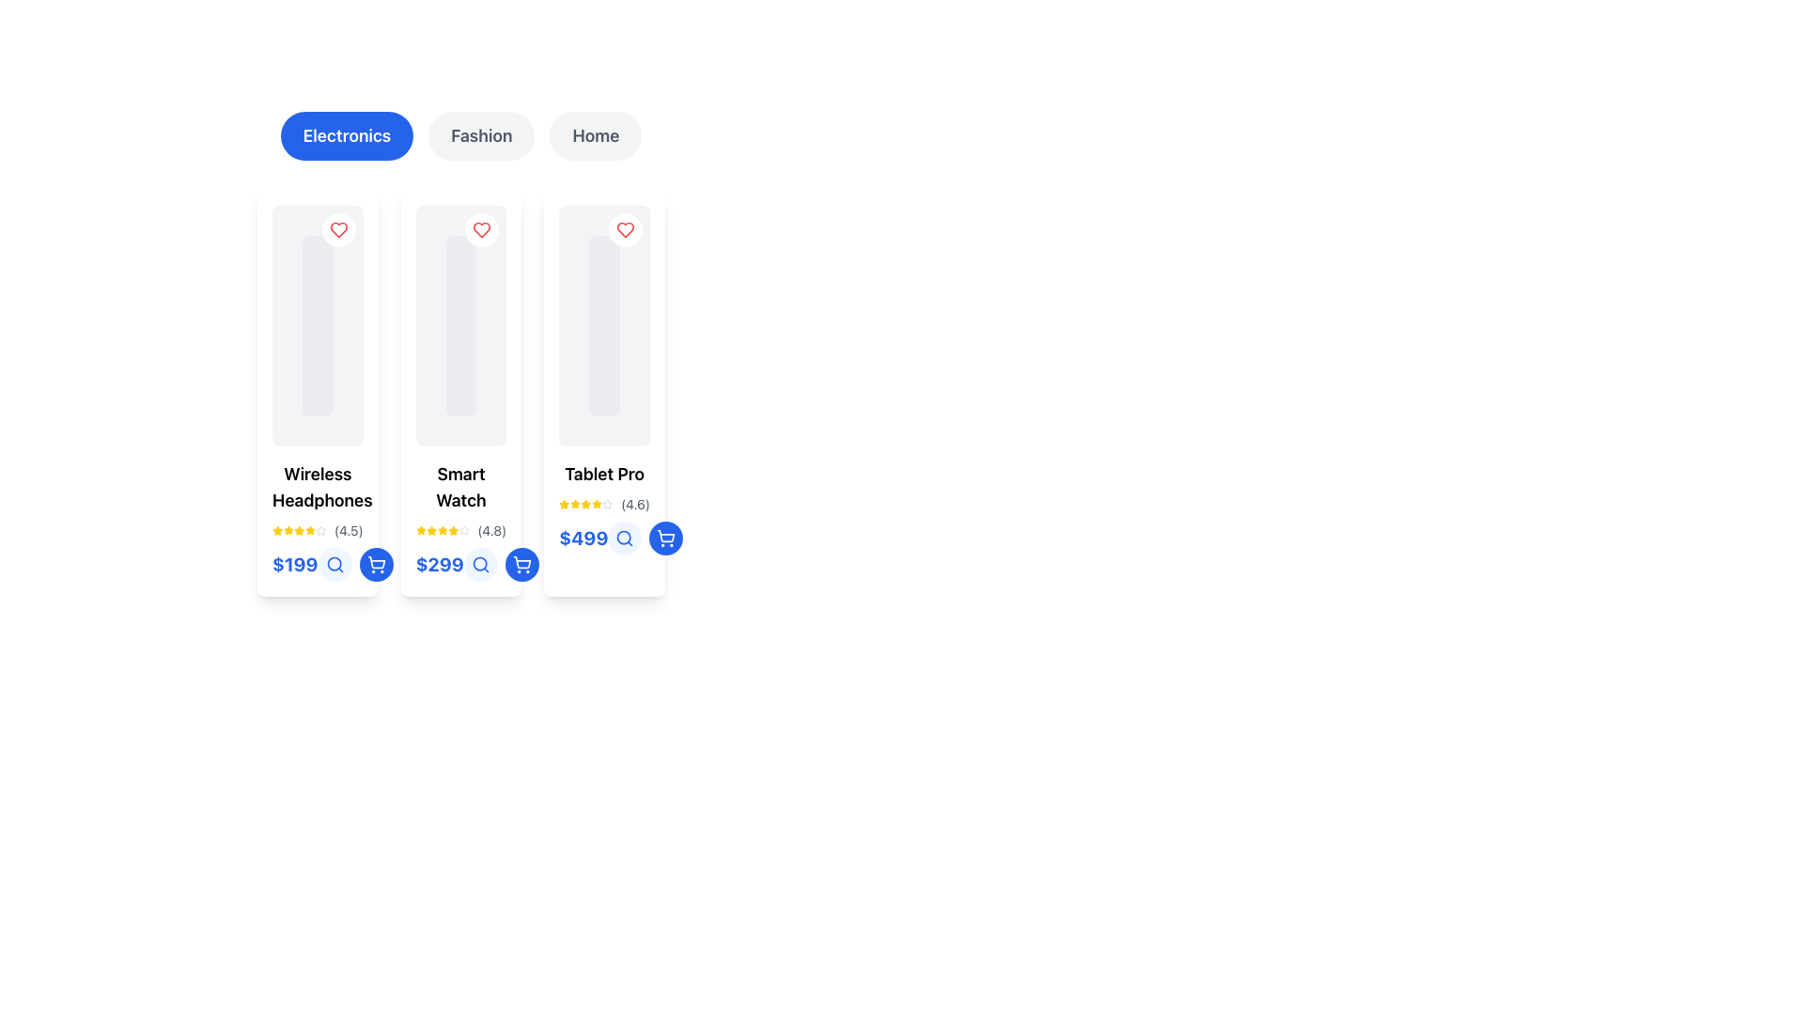 The height and width of the screenshot is (1015, 1804). What do you see at coordinates (564, 503) in the screenshot?
I see `the yellow star icon located in the rating section of the Tablet Pro product card` at bounding box center [564, 503].